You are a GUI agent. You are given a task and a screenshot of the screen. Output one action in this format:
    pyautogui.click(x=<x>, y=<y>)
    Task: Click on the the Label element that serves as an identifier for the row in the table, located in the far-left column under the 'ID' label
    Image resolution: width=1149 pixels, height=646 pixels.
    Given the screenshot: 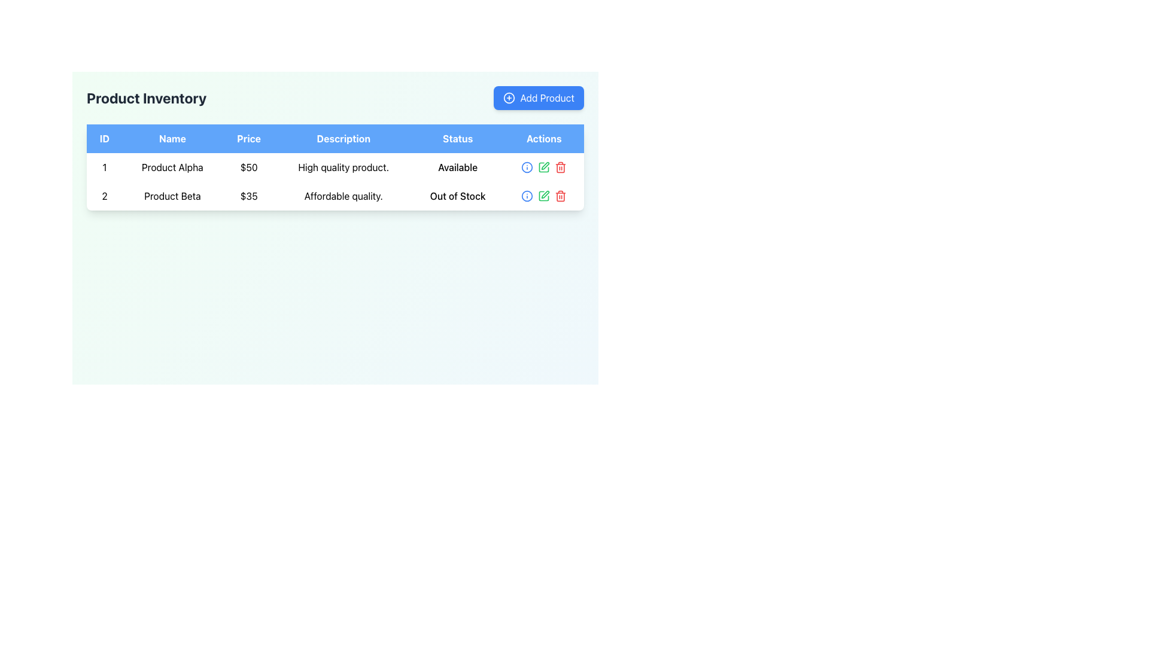 What is the action you would take?
    pyautogui.click(x=104, y=167)
    